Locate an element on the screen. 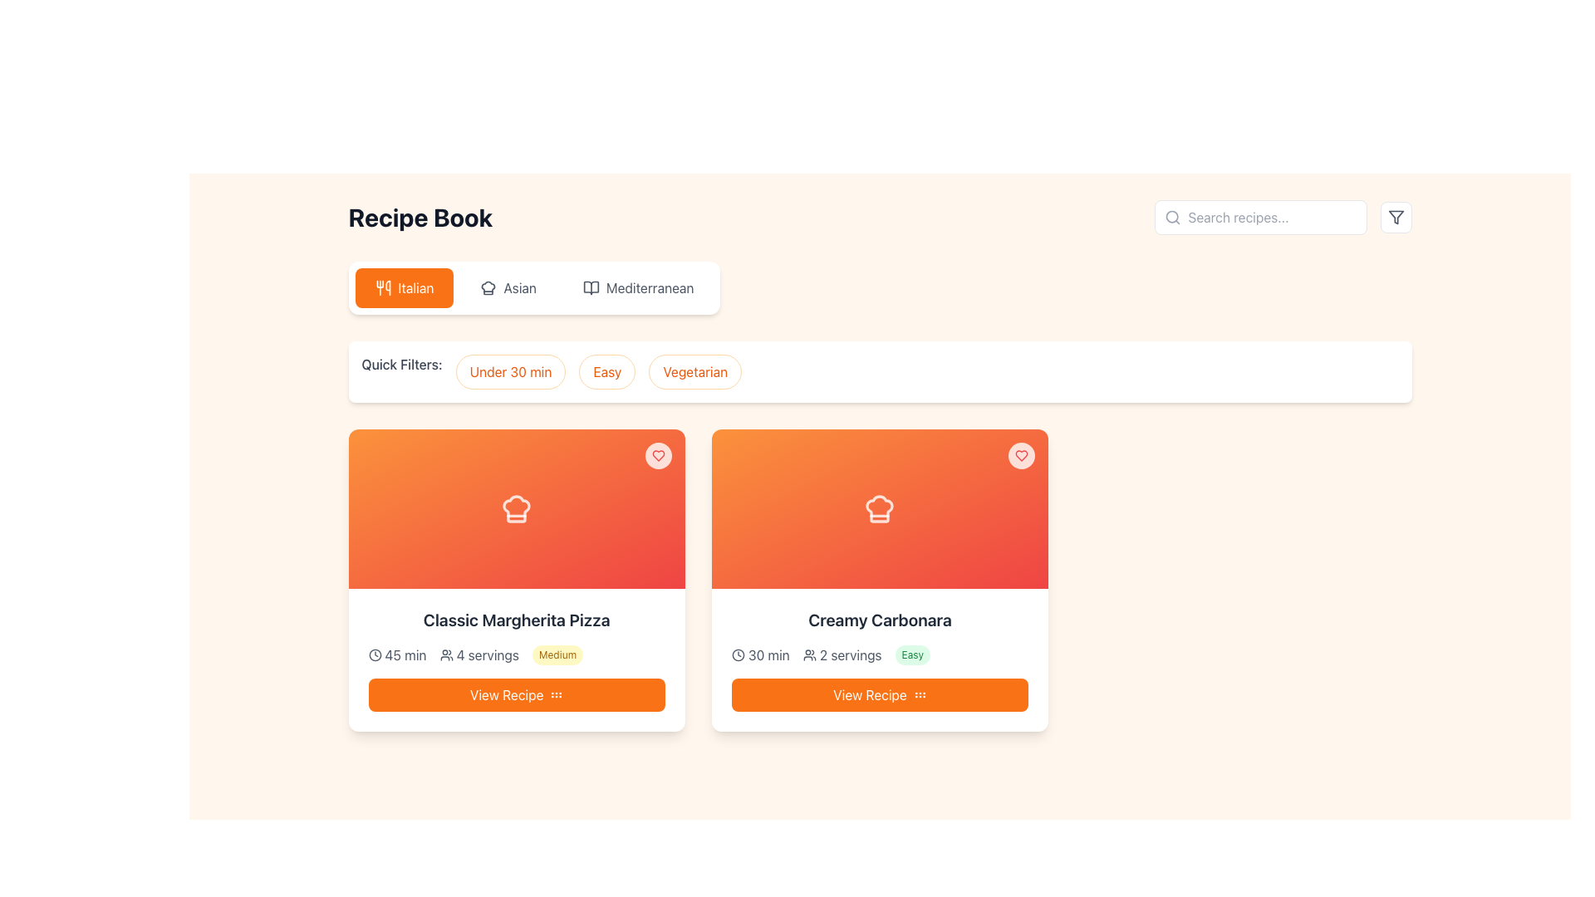 Image resolution: width=1595 pixels, height=897 pixels. the displayed information on the Informational Label that includes the clock icon with '45 min', user icon with '4 servings', and the yellow badge with 'Medium' is located at coordinates (516, 654).